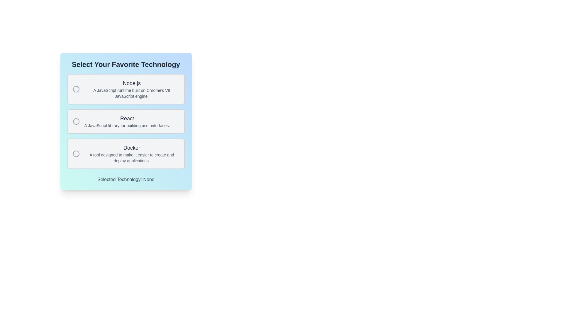 The image size is (563, 317). Describe the element at coordinates (131, 157) in the screenshot. I see `the explanatory subtitle text label located below the 'Docker' title in the third option card, which provides additional information about the Docker choice` at that location.